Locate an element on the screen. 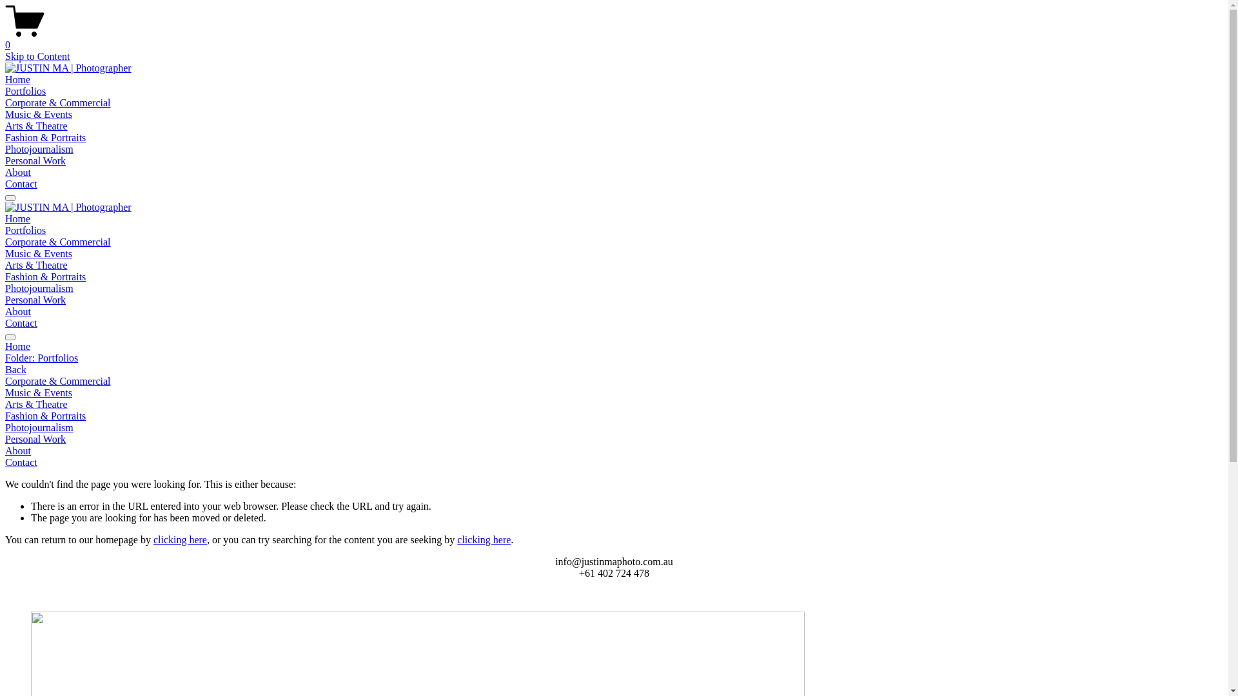 The width and height of the screenshot is (1238, 696). 'Arts & Theatre' is located at coordinates (36, 264).